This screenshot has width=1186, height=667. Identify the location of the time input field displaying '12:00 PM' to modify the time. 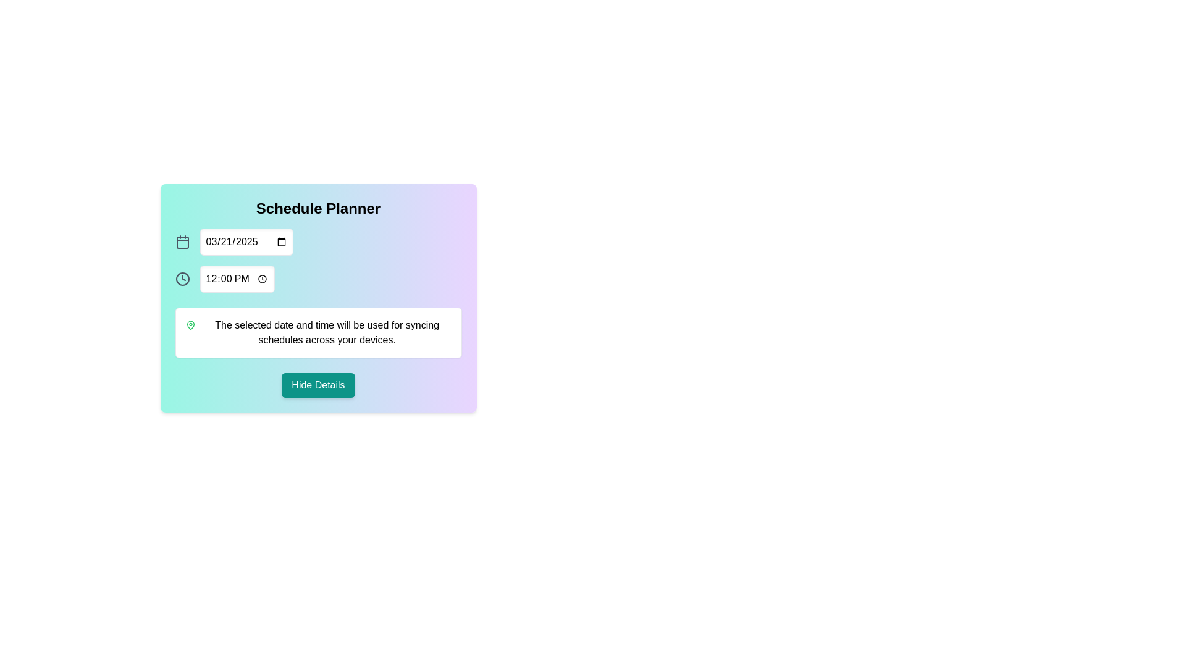
(318, 279).